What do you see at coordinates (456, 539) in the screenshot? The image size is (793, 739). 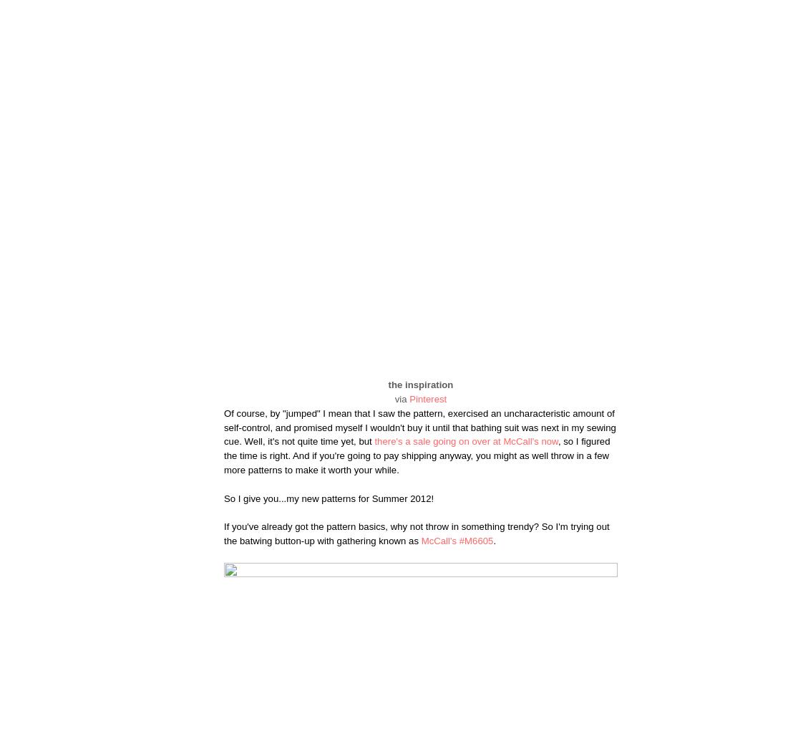 I see `'McCall's #M6605'` at bounding box center [456, 539].